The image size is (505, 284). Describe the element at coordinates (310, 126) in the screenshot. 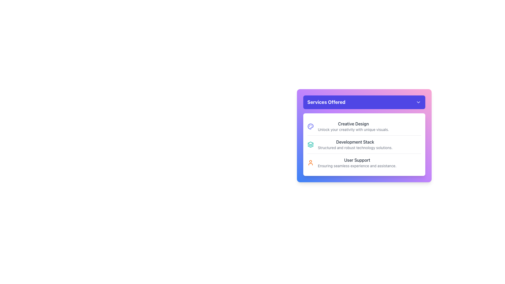

I see `the vibrant indigo palette-shaped icon located to the left of the 'Creative Design' text` at that location.